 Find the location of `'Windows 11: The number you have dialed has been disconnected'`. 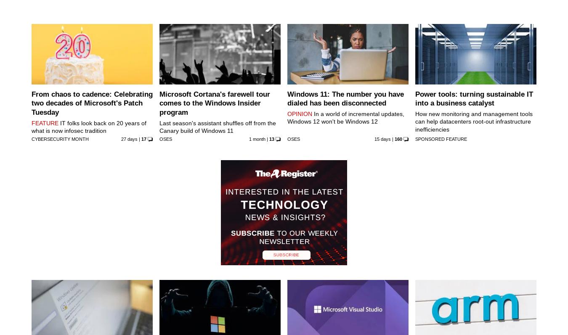

'Windows 11: The number you have dialed has been disconnected' is located at coordinates (345, 98).